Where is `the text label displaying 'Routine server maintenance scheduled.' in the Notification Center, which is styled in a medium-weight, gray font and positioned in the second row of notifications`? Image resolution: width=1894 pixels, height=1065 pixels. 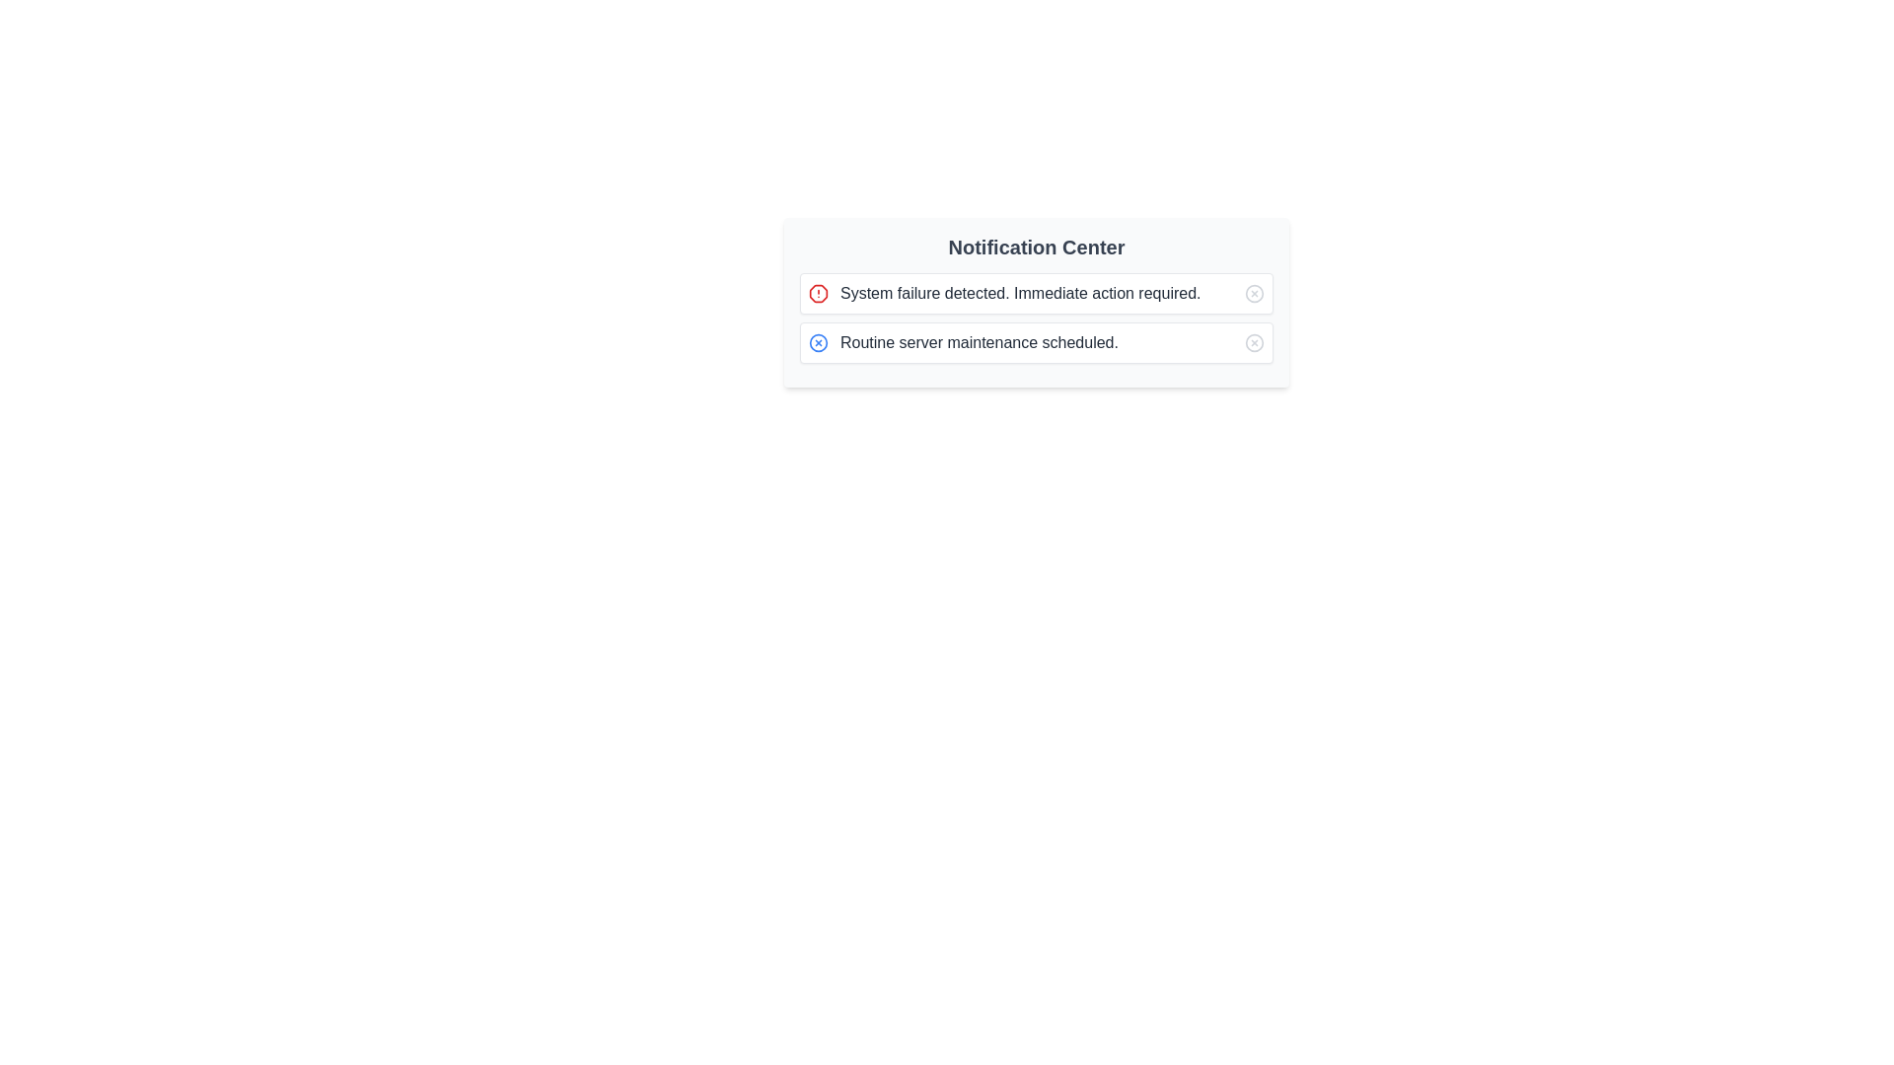
the text label displaying 'Routine server maintenance scheduled.' in the Notification Center, which is styled in a medium-weight, gray font and positioned in the second row of notifications is located at coordinates (980, 341).